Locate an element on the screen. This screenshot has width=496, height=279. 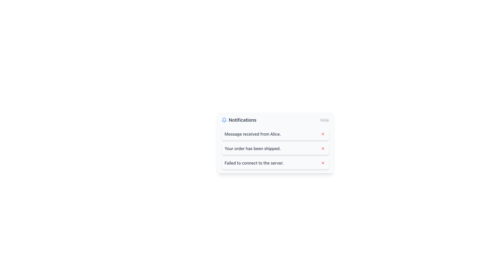
the first notification card in the Notifications panel is located at coordinates (275, 134).